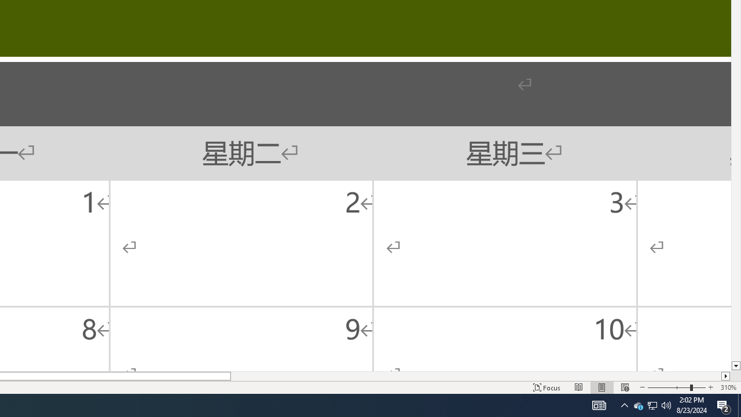  I want to click on 'Zoom In', so click(710, 387).